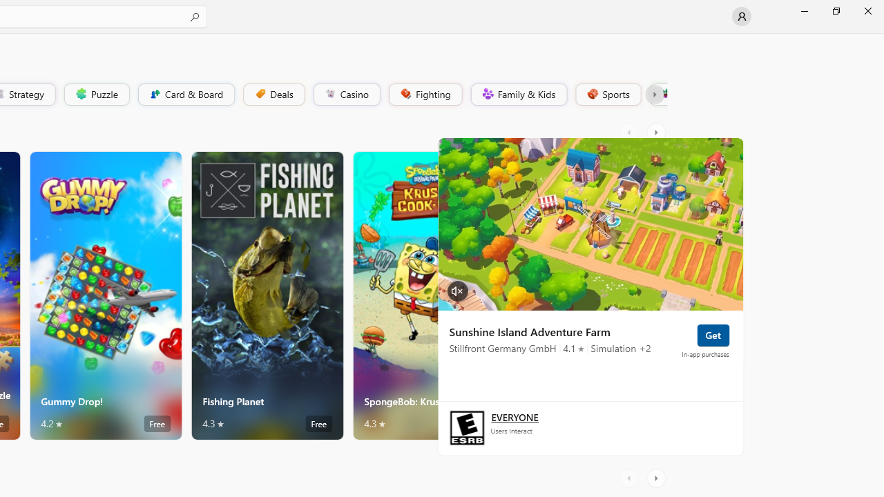 This screenshot has height=497, width=884. I want to click on 'Platformer', so click(657, 93).